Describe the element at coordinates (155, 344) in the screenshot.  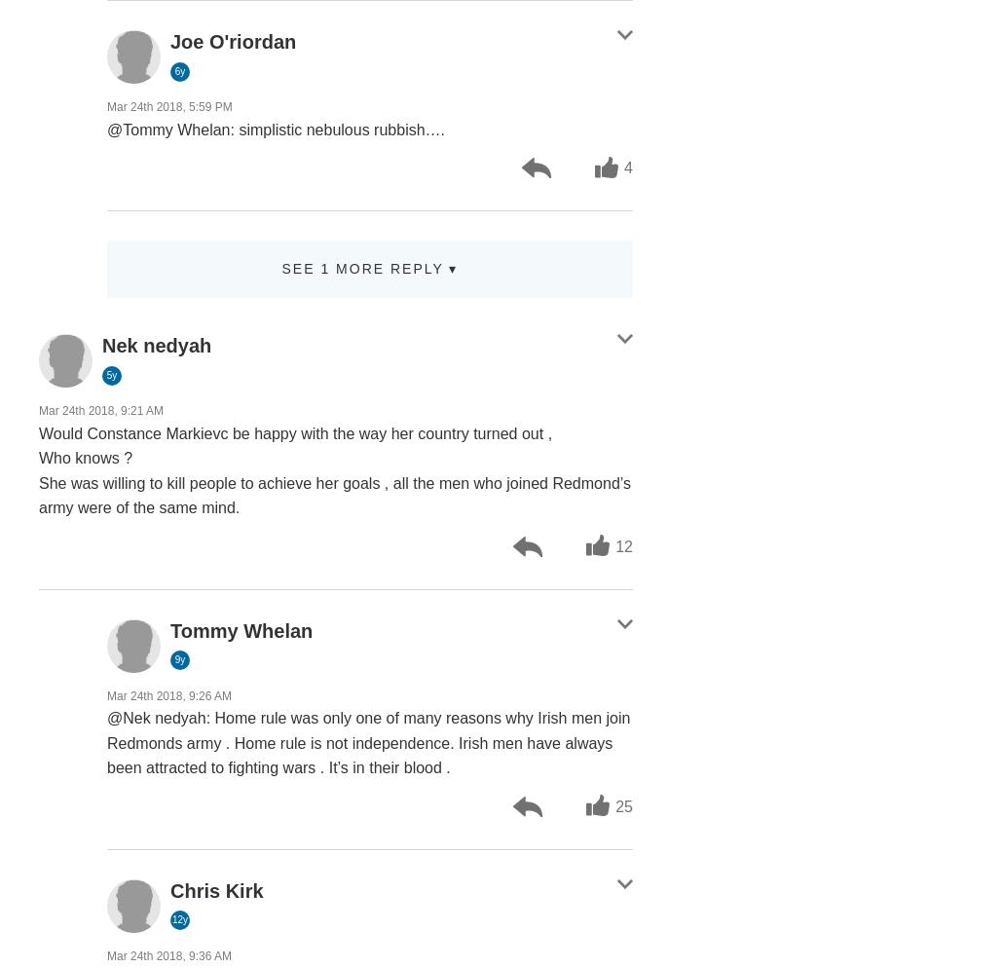
I see `'Nek nedyah'` at that location.